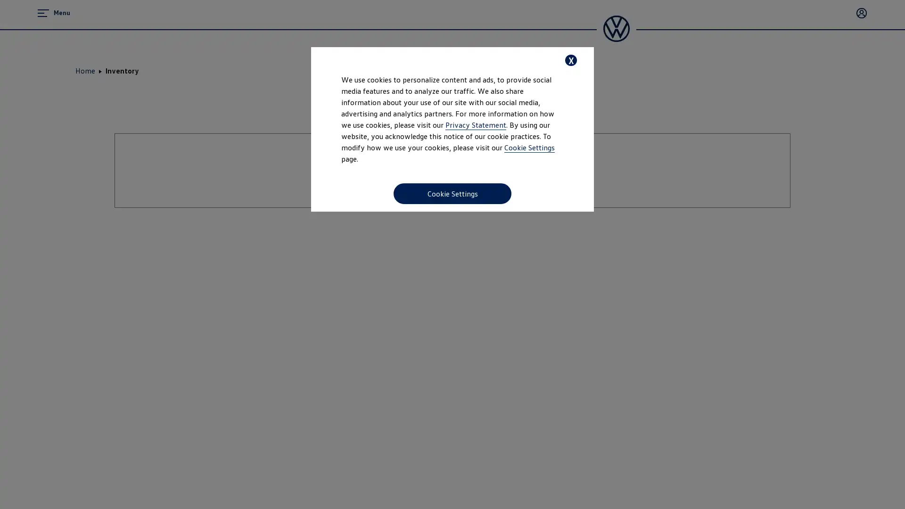 This screenshot has width=905, height=509. Describe the element at coordinates (53, 13) in the screenshot. I see `Menu` at that location.